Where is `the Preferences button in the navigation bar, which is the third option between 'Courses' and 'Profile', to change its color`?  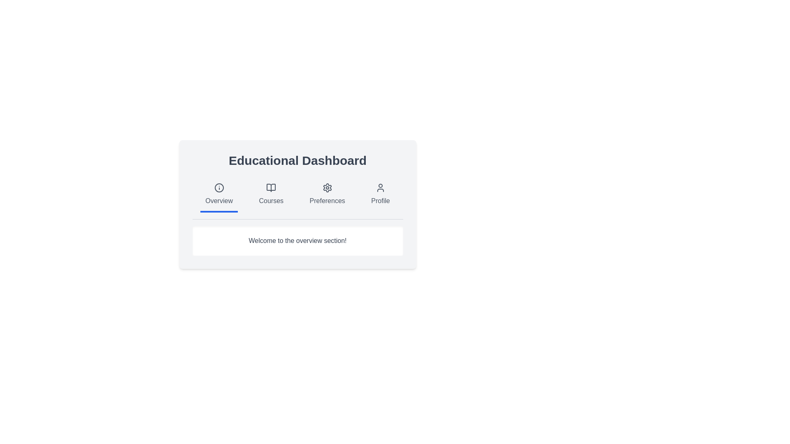 the Preferences button in the navigation bar, which is the third option between 'Courses' and 'Profile', to change its color is located at coordinates (327, 195).